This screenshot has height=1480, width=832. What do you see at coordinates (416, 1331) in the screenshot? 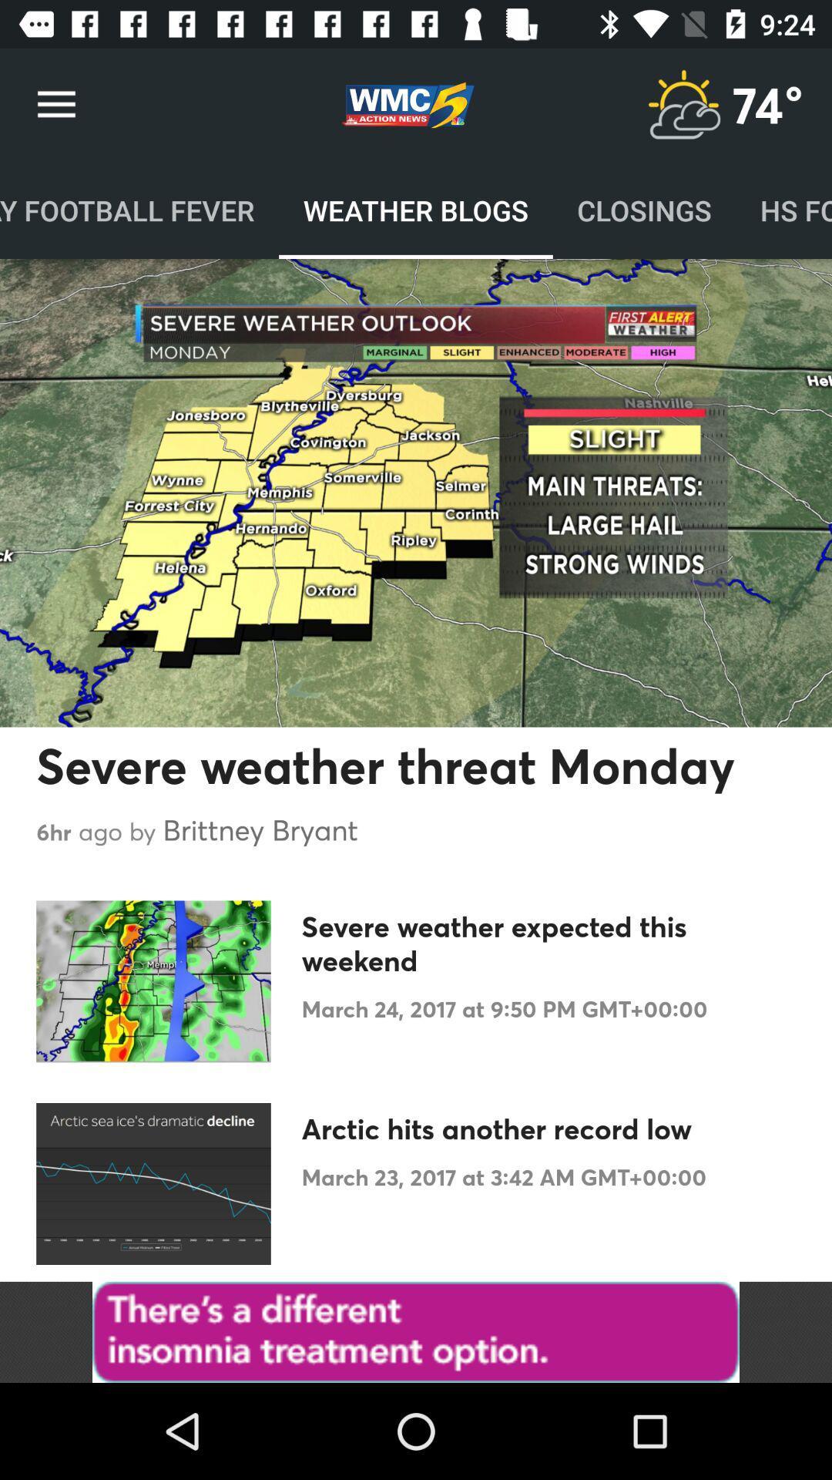
I see `advertising site` at bounding box center [416, 1331].